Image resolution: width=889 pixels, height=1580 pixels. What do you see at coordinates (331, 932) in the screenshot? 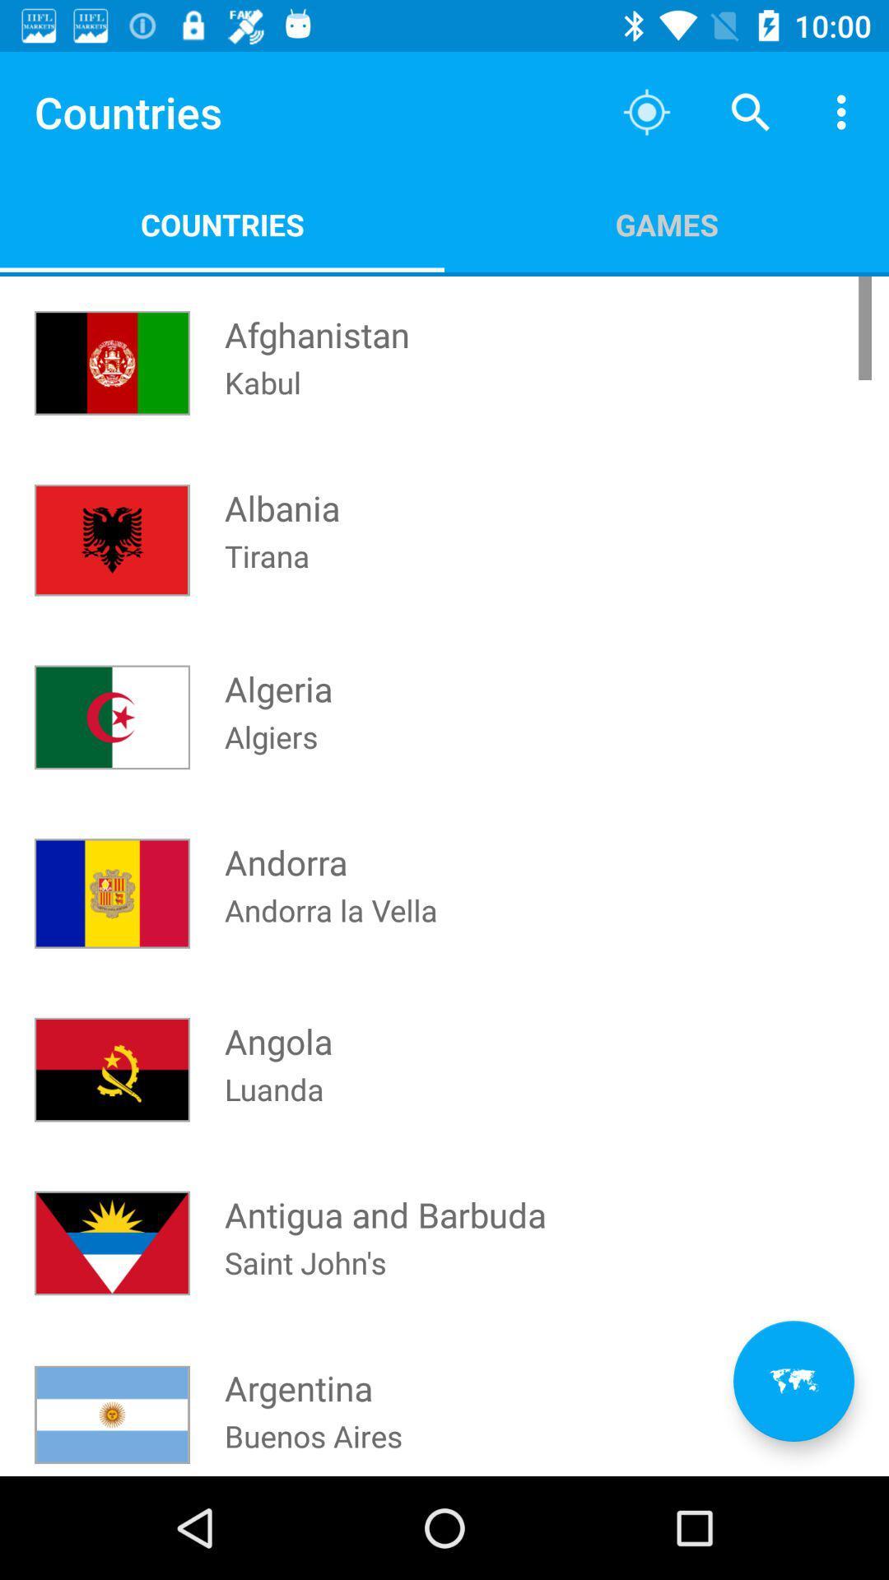
I see `the andorra la vella at the center` at bounding box center [331, 932].